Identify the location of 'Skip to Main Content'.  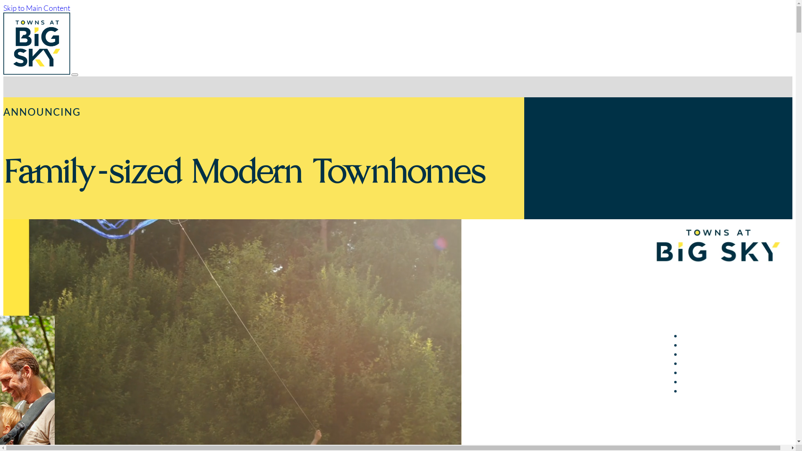
(36, 8).